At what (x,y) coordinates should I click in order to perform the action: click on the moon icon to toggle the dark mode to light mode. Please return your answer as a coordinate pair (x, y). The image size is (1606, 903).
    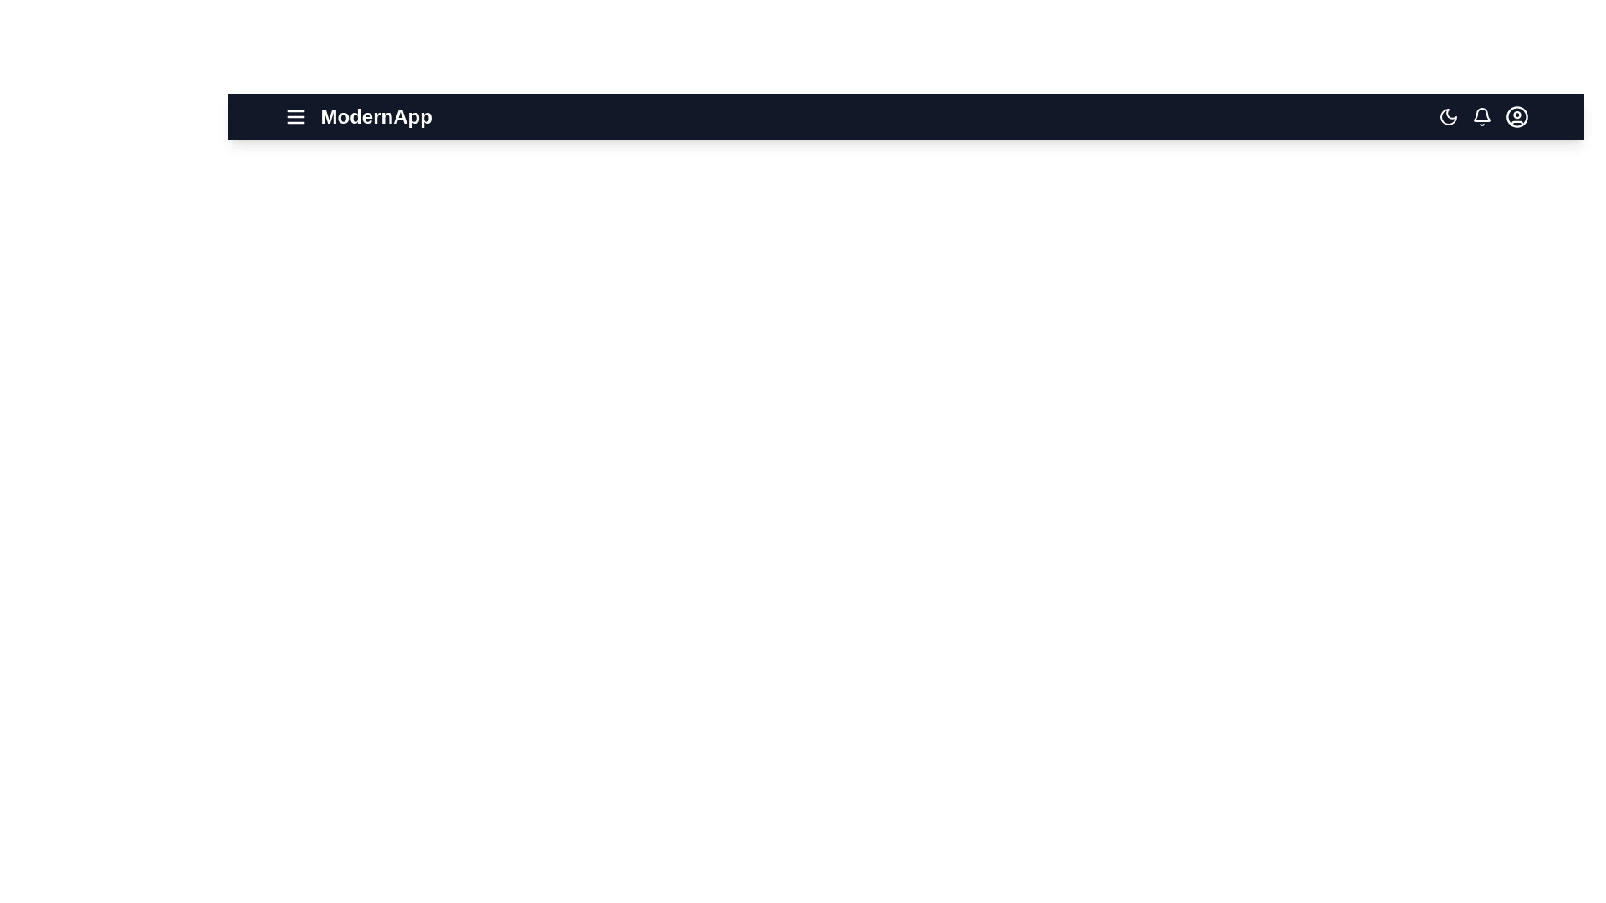
    Looking at the image, I should click on (1447, 115).